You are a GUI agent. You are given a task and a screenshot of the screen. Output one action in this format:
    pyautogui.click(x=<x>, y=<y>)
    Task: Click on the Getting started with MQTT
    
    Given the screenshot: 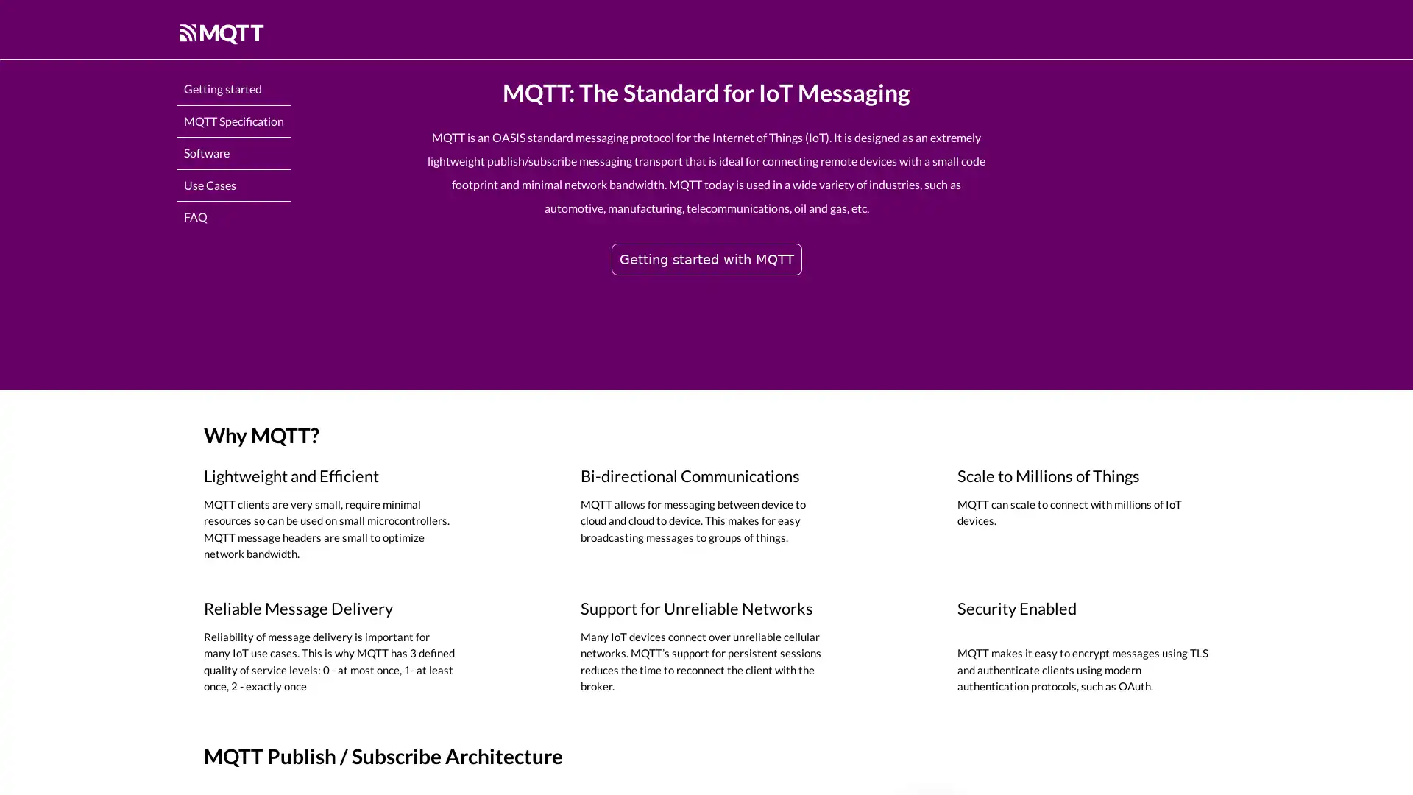 What is the action you would take?
    pyautogui.click(x=705, y=258)
    